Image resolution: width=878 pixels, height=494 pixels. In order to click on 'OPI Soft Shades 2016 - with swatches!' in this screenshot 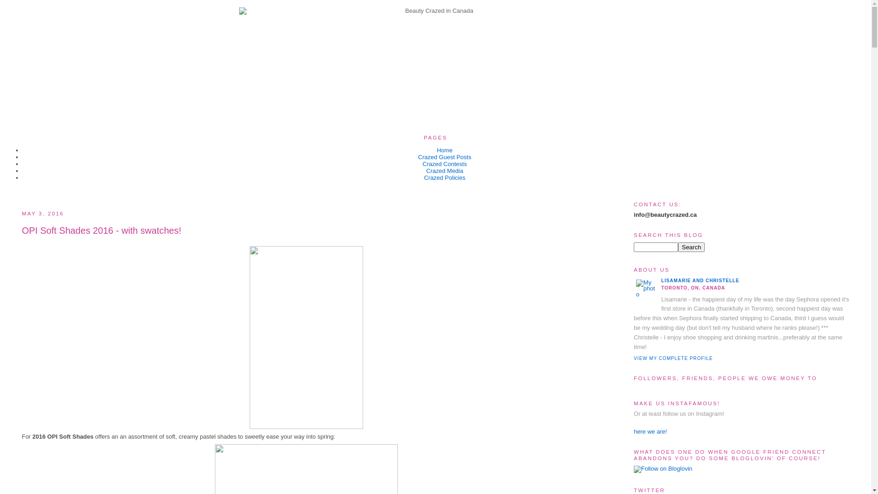, I will do `click(22, 230)`.